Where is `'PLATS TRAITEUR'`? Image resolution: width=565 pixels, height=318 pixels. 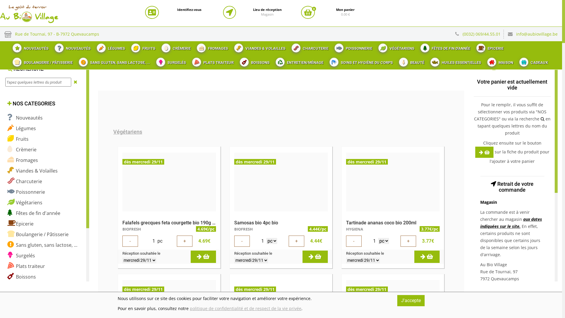 'PLATS TRAITEUR' is located at coordinates (212, 61).